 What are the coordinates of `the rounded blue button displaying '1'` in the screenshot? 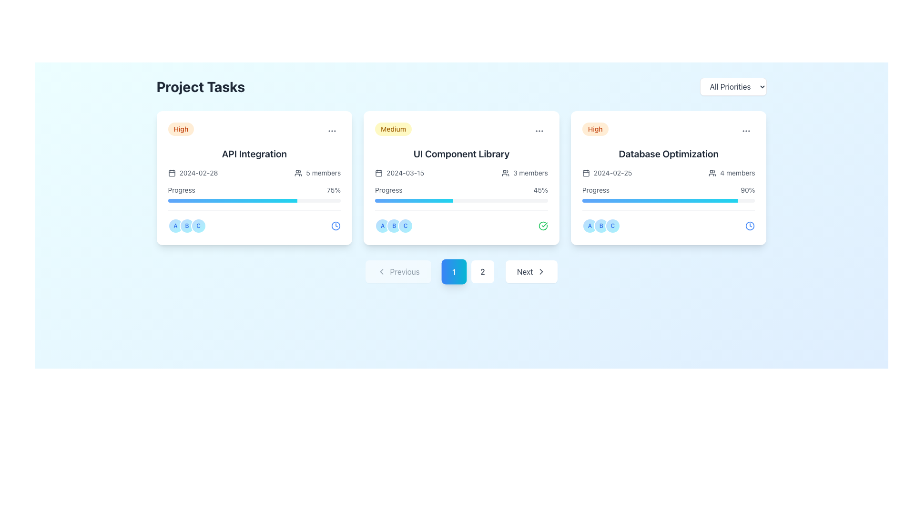 It's located at (461, 272).